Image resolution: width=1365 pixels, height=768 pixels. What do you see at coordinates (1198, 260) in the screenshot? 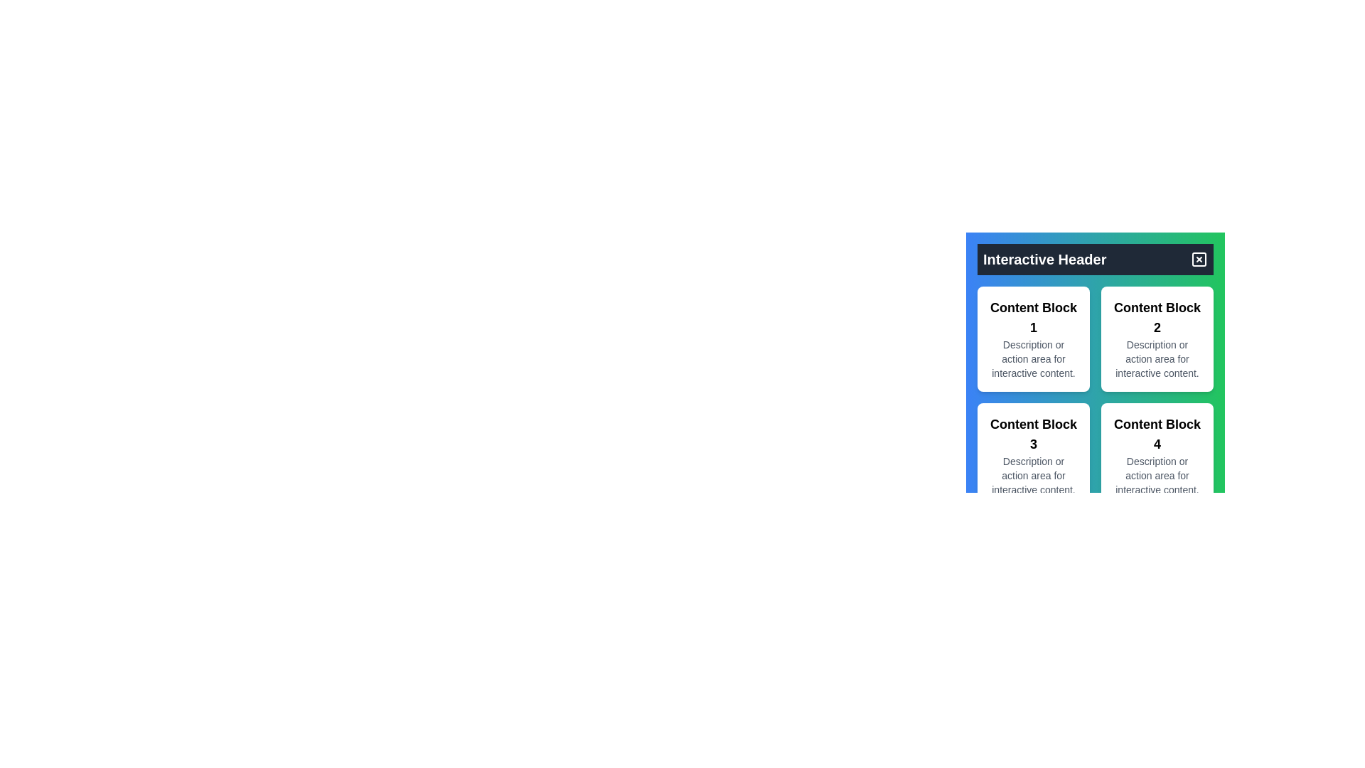
I see `the square button with an 'X' symbol located at the top-right corner of the 'Interactive Header' section` at bounding box center [1198, 260].